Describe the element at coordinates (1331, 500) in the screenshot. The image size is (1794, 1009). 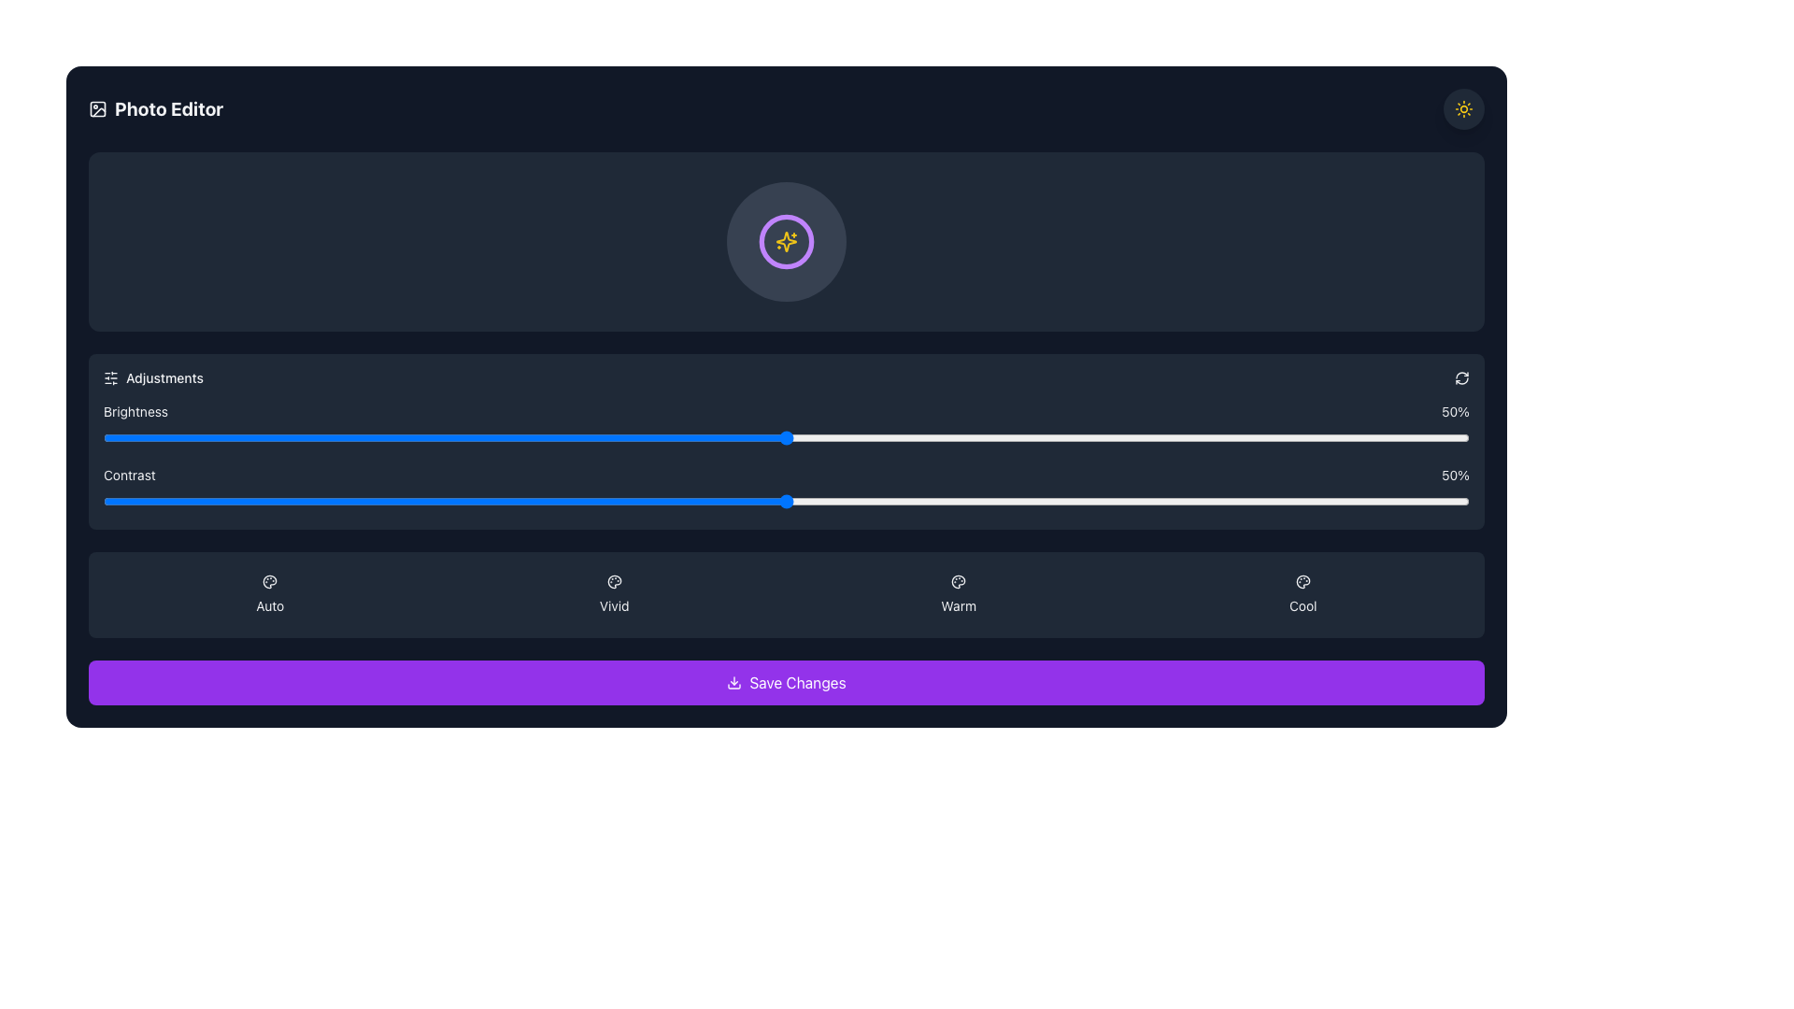
I see `the value of the slider` at that location.